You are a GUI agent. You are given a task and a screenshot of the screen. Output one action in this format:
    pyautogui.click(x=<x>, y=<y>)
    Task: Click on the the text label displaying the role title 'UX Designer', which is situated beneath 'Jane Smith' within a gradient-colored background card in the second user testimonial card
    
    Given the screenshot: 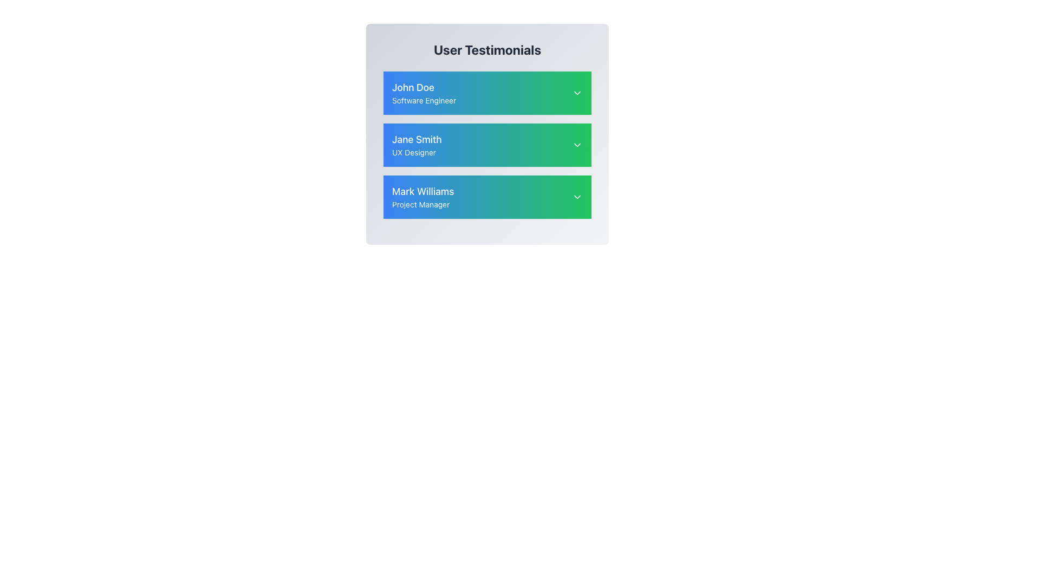 What is the action you would take?
    pyautogui.click(x=416, y=152)
    